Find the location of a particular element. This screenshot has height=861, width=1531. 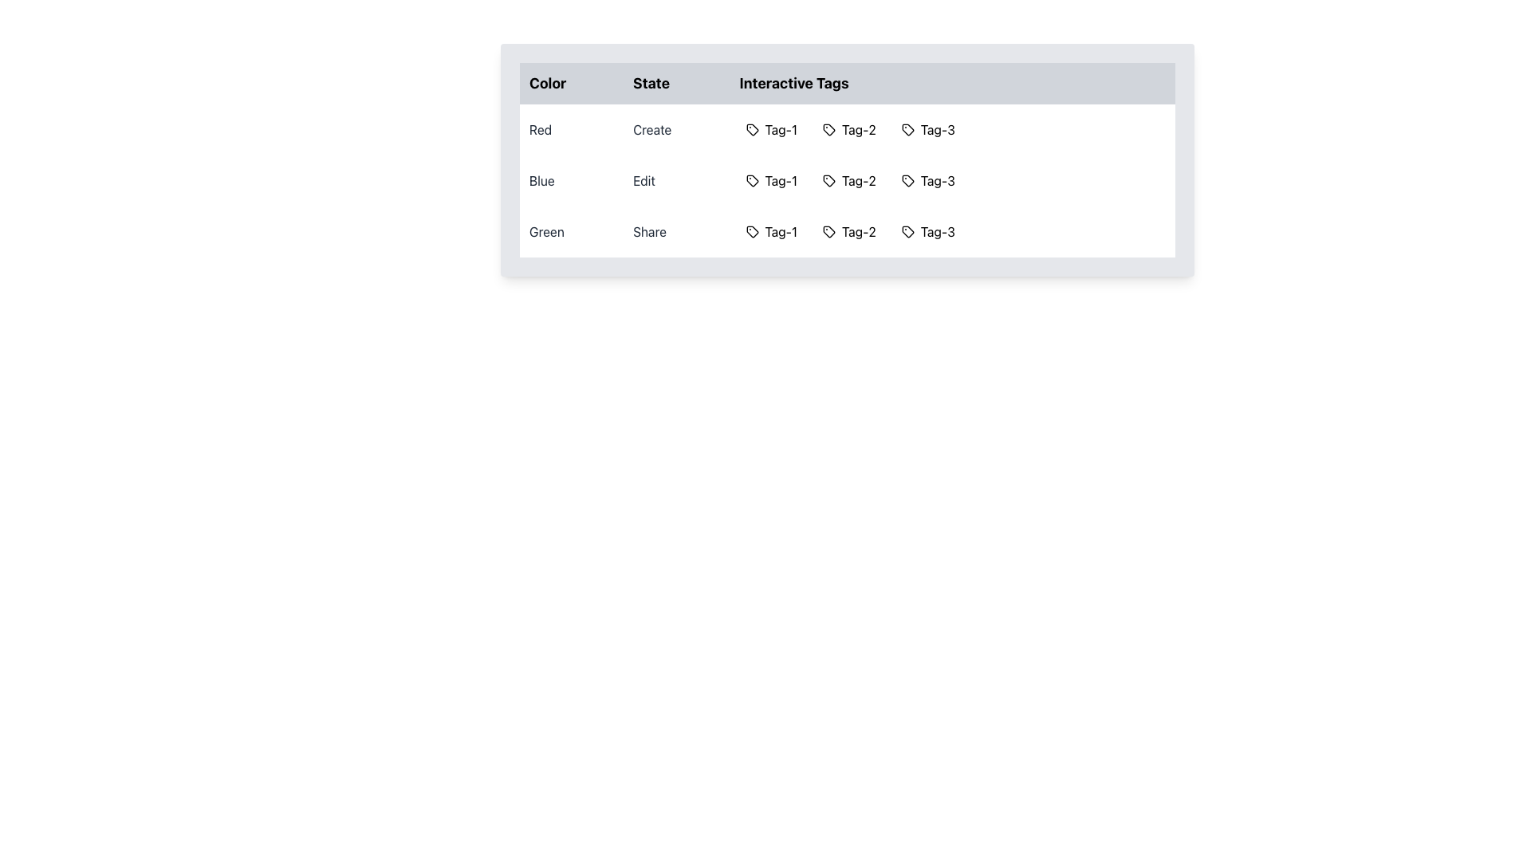

the interactive label displaying 'Tag-3' to trigger a tooltip or highlight is located at coordinates (938, 231).